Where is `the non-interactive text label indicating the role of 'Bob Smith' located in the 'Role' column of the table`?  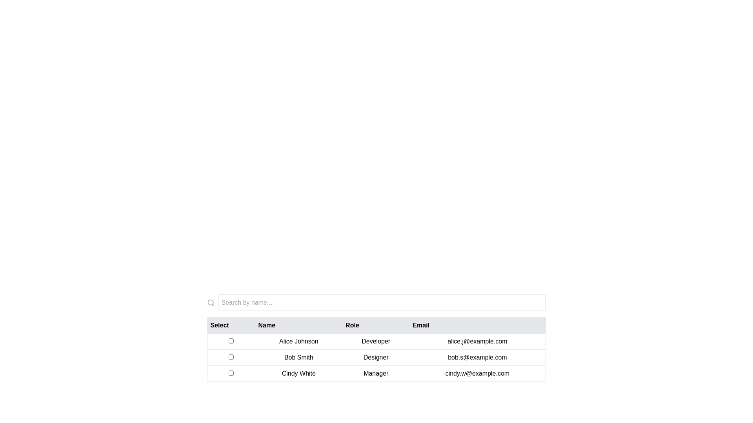 the non-interactive text label indicating the role of 'Bob Smith' located in the 'Role' column of the table is located at coordinates (375, 358).